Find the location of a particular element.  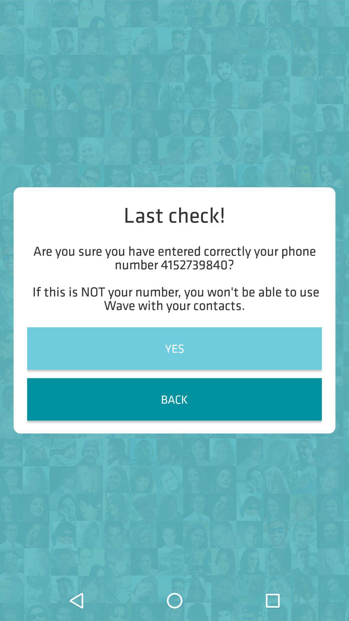

the are you sure item is located at coordinates (174, 278).